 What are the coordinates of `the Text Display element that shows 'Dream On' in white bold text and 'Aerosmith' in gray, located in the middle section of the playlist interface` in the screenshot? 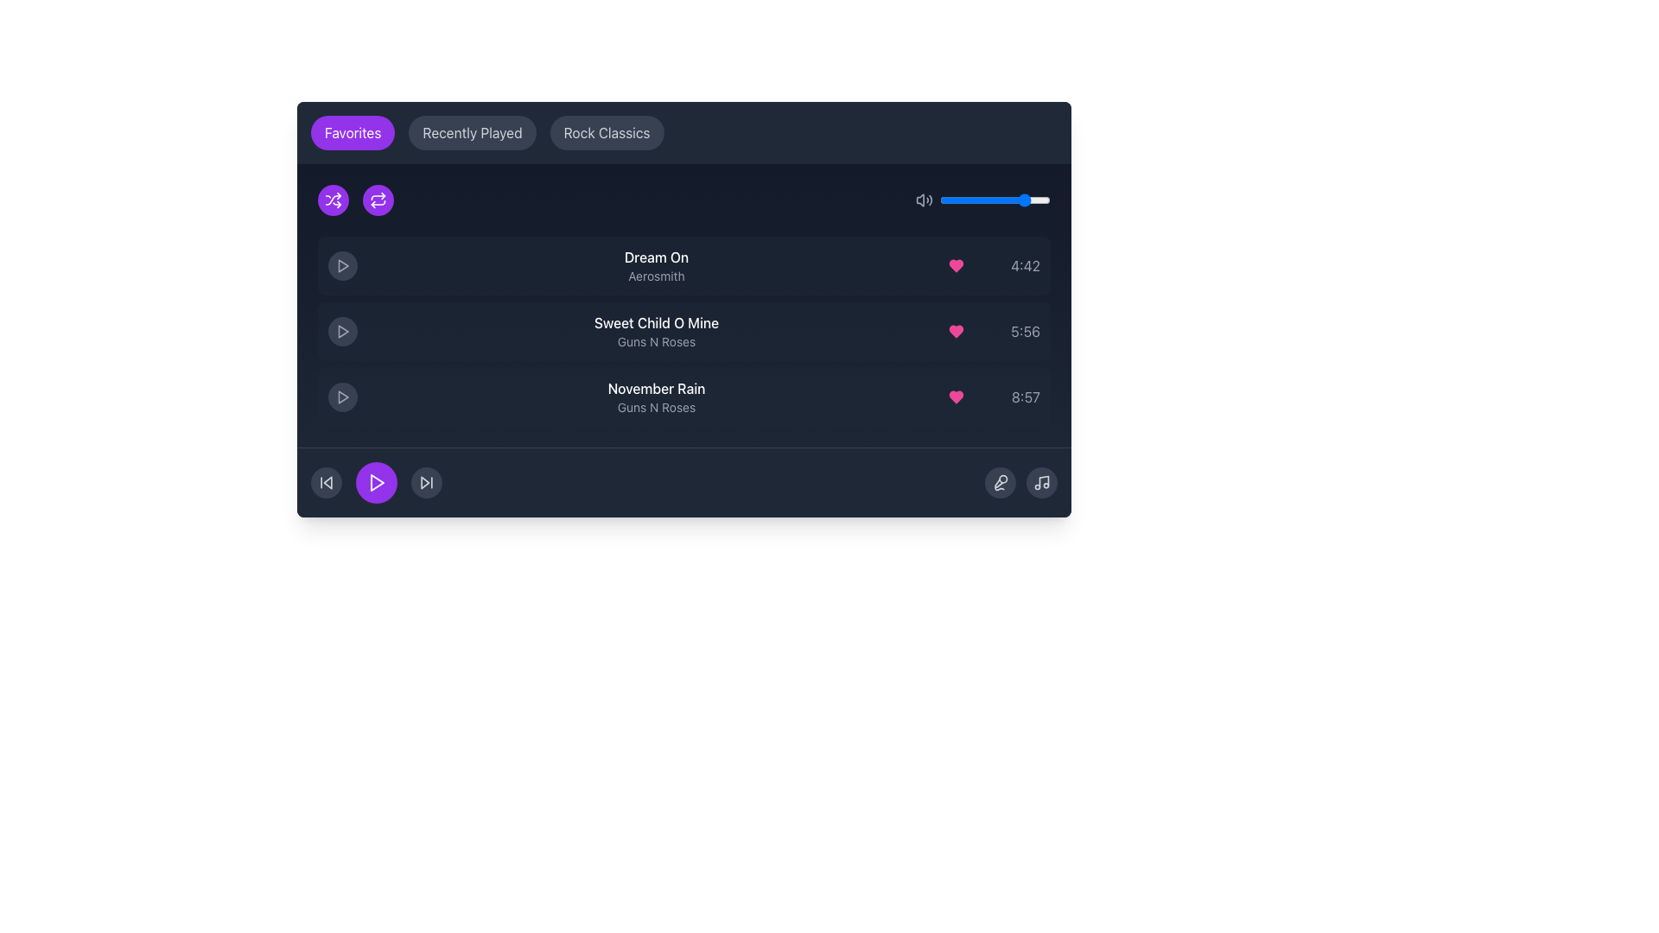 It's located at (655, 266).